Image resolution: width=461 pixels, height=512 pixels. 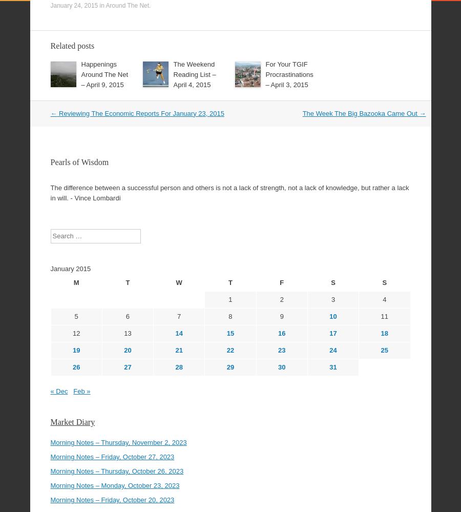 What do you see at coordinates (139, 85) in the screenshot?
I see `'Reviewing The Economic Reports For January 23, 2015'` at bounding box center [139, 85].